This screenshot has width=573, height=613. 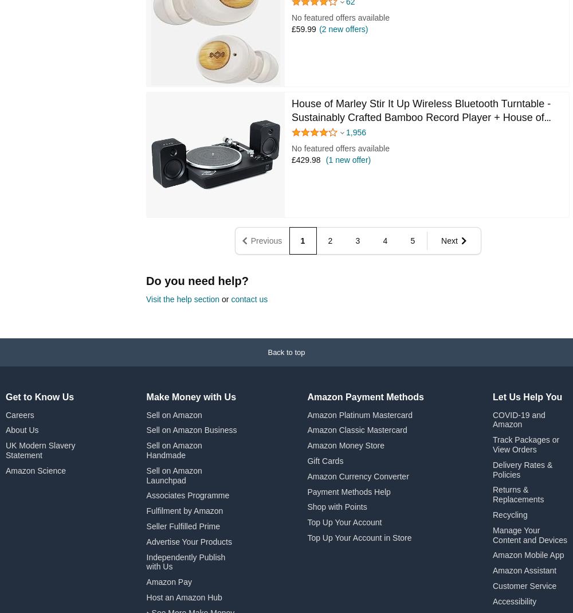 What do you see at coordinates (518, 494) in the screenshot?
I see `'Returns & Replacements'` at bounding box center [518, 494].